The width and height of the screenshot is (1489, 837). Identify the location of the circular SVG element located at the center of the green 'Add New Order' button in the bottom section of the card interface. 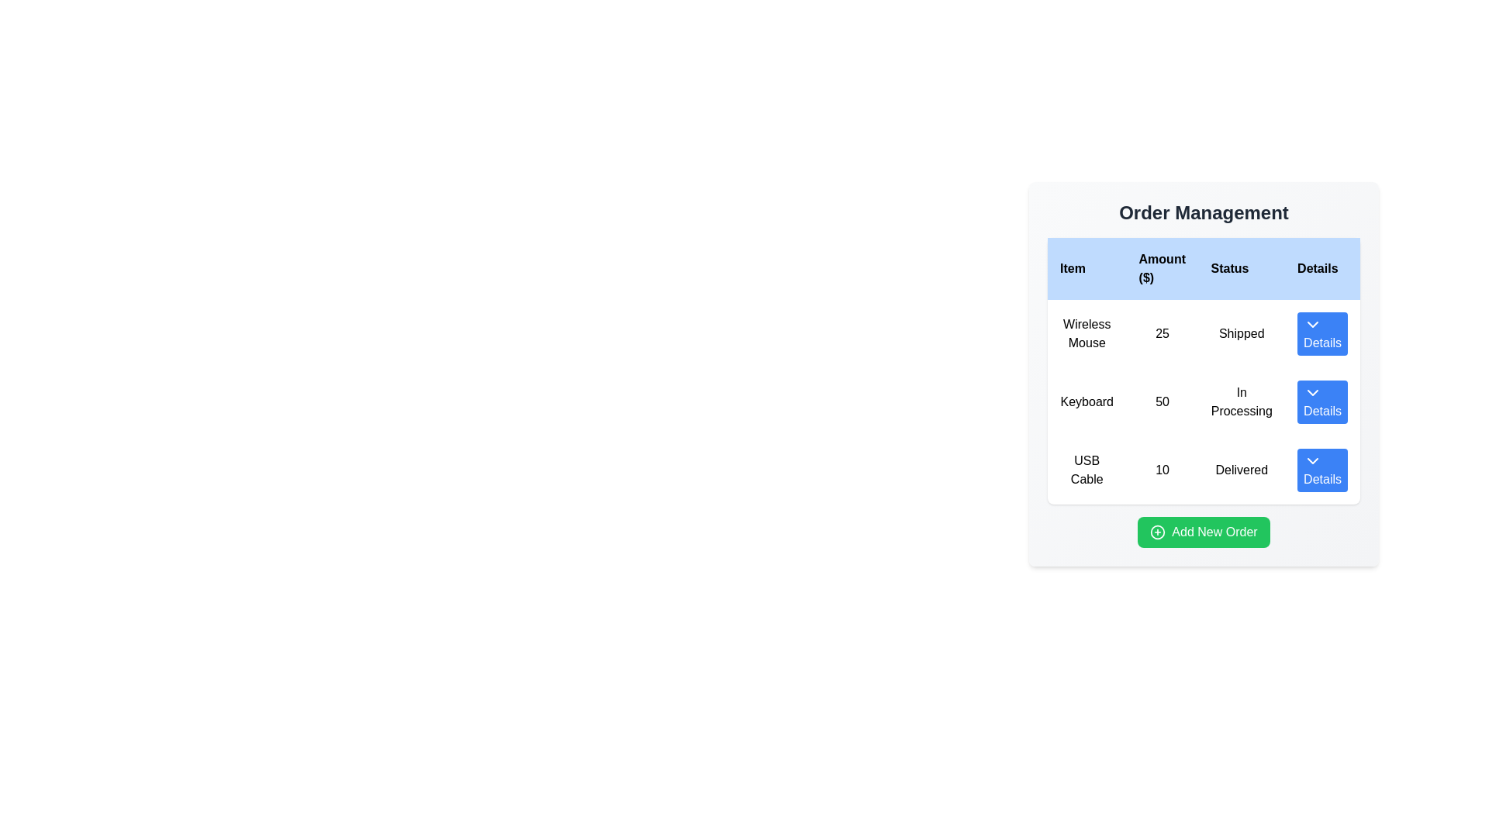
(1158, 531).